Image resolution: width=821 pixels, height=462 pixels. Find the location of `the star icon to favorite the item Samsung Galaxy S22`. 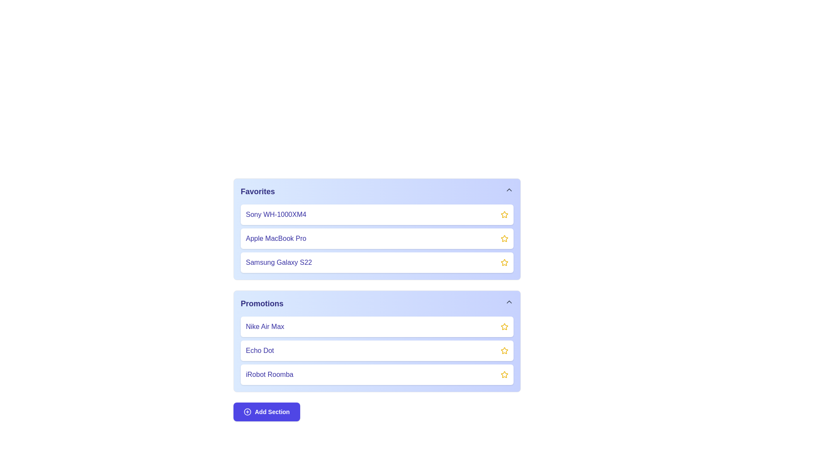

the star icon to favorite the item Samsung Galaxy S22 is located at coordinates (505, 262).